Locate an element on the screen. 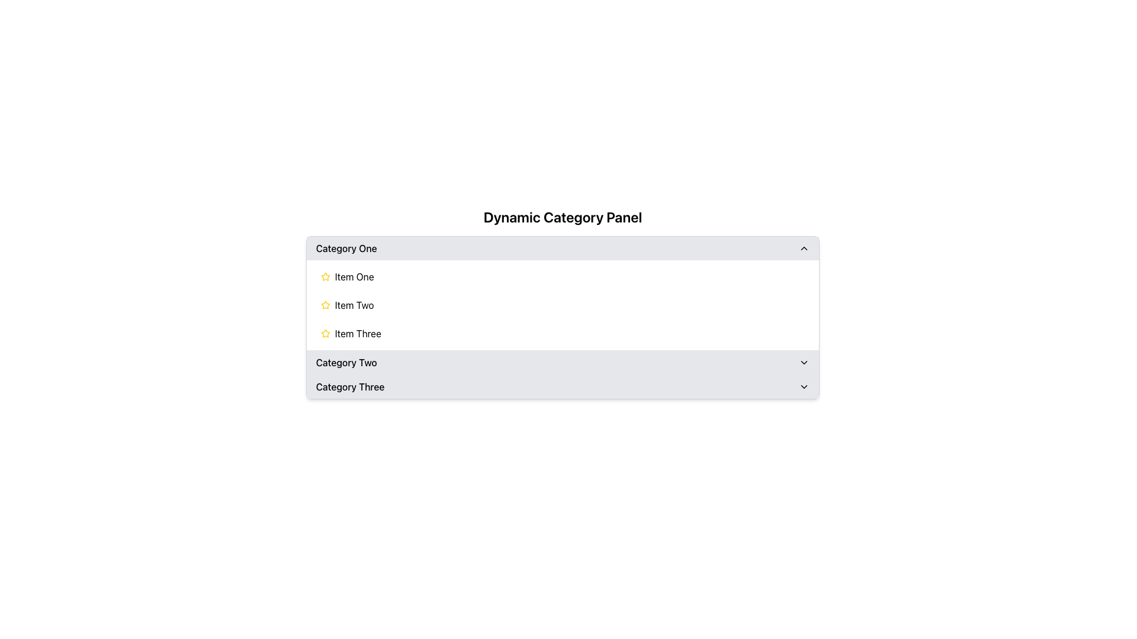 The width and height of the screenshot is (1137, 639). the downward-pointing chevron icon located on the right side of the 'Category Two' section header is located at coordinates (804, 362).